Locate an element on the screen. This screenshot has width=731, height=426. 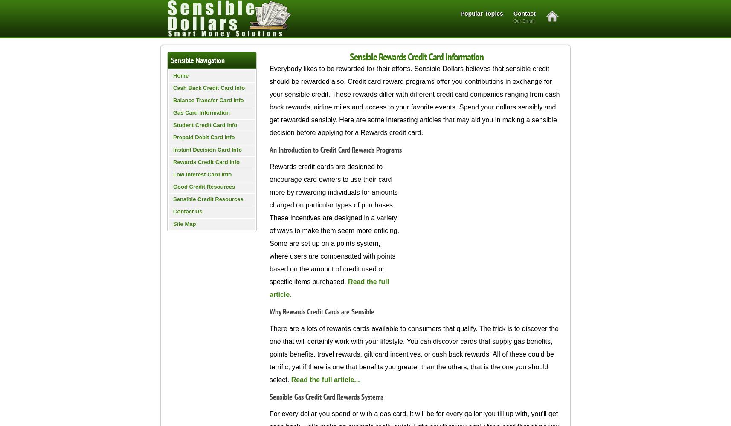
'Contact' is located at coordinates (524, 14).